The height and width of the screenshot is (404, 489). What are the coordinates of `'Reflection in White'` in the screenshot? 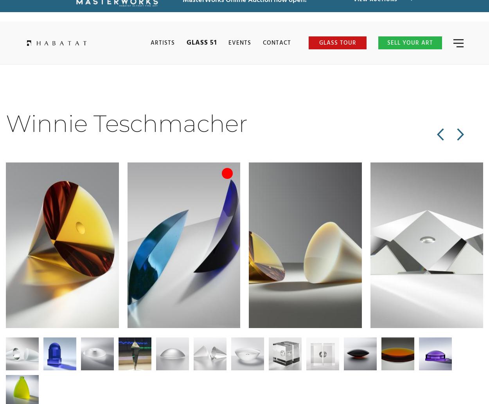 It's located at (291, 277).